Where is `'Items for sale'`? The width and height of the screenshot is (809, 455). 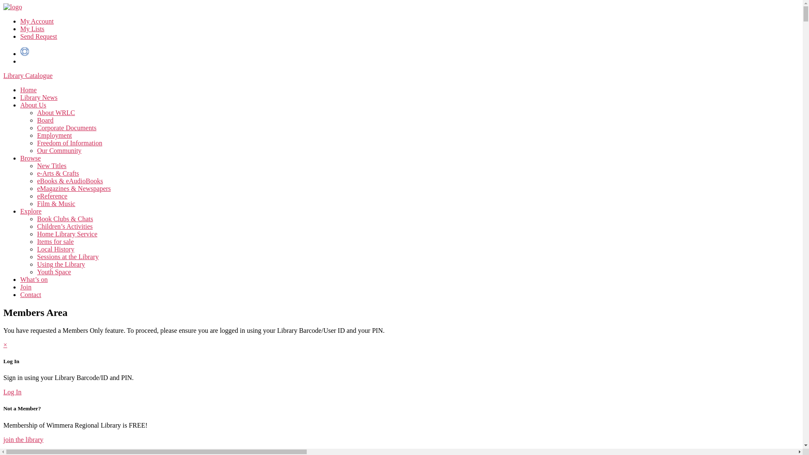 'Items for sale' is located at coordinates (36, 241).